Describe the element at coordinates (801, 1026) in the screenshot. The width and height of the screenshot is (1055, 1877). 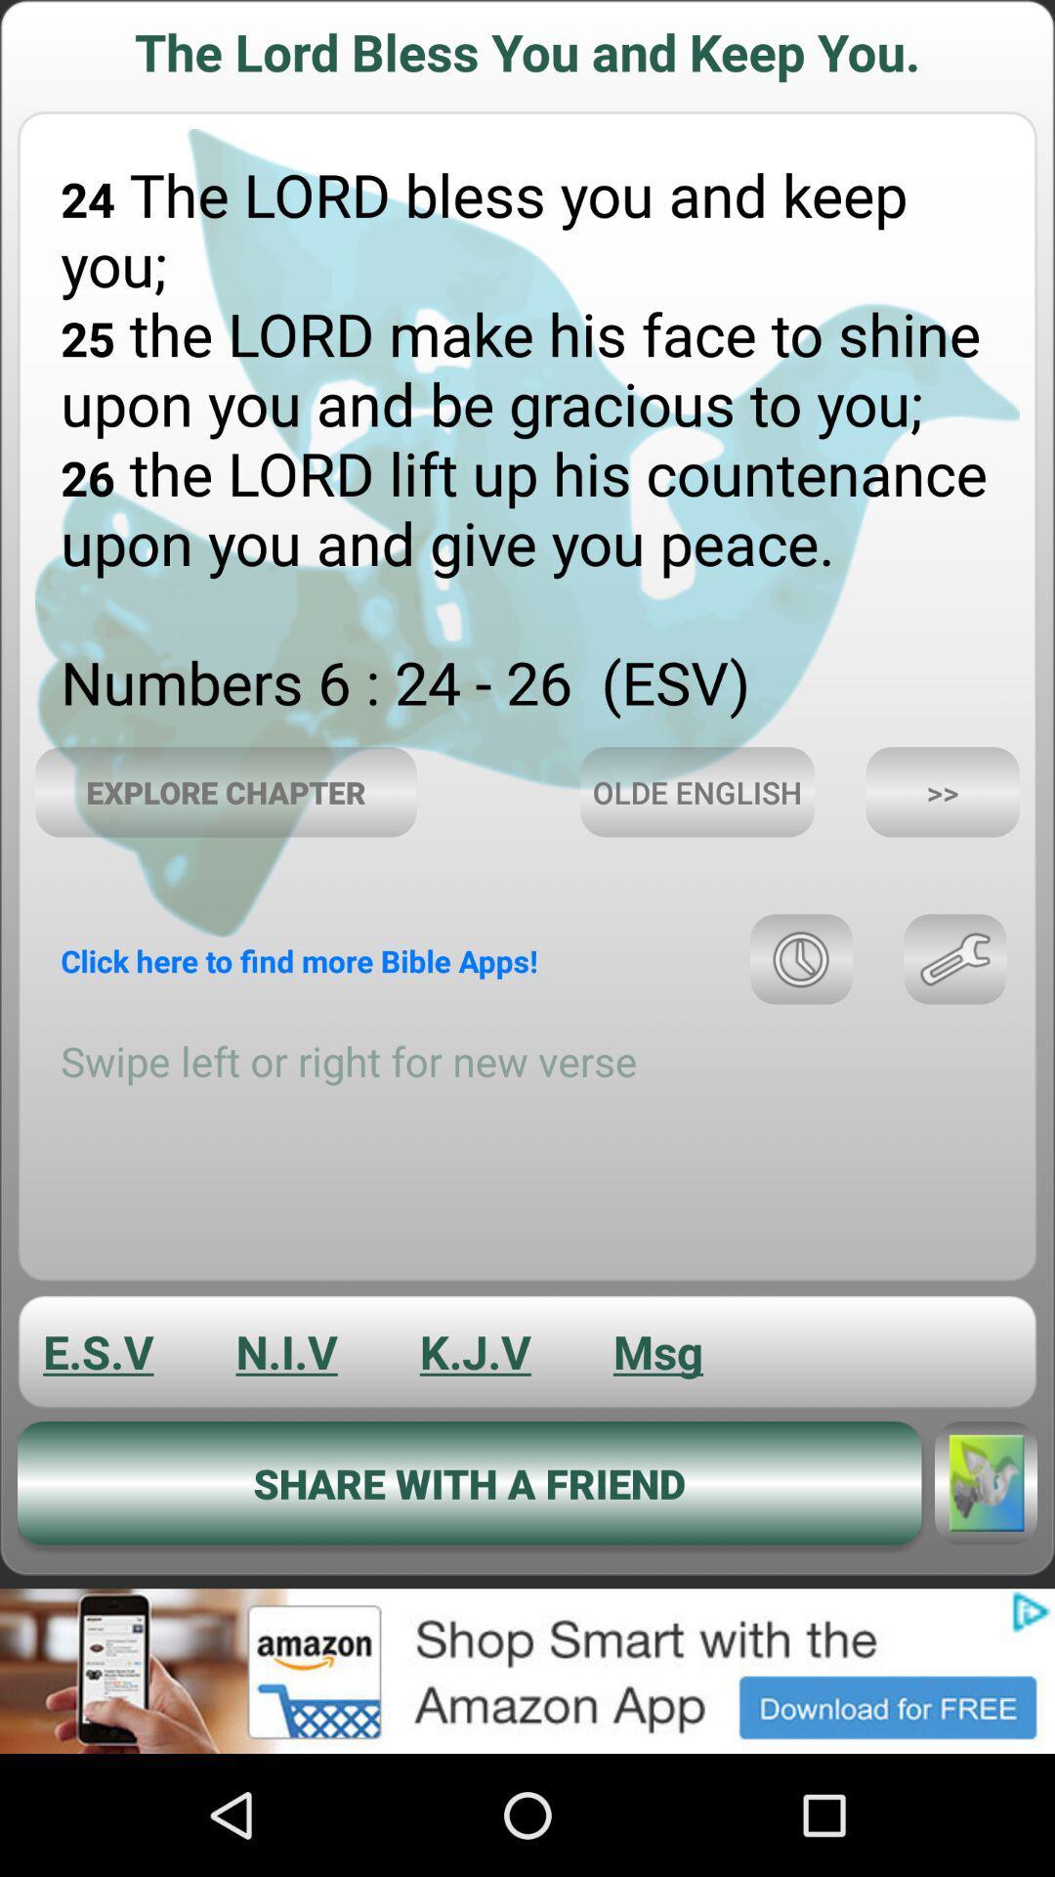
I see `the time icon` at that location.